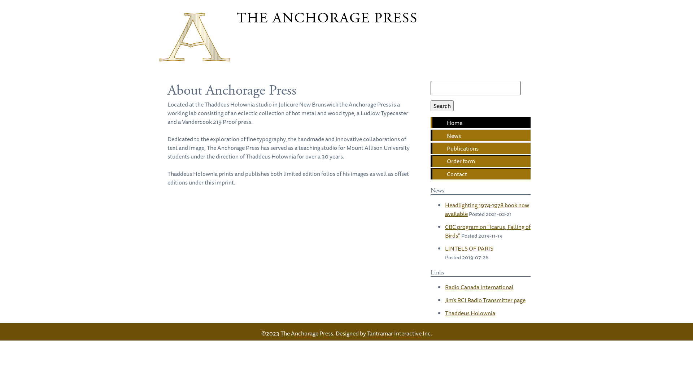 The image size is (693, 390). I want to click on 'Contact', so click(480, 174).